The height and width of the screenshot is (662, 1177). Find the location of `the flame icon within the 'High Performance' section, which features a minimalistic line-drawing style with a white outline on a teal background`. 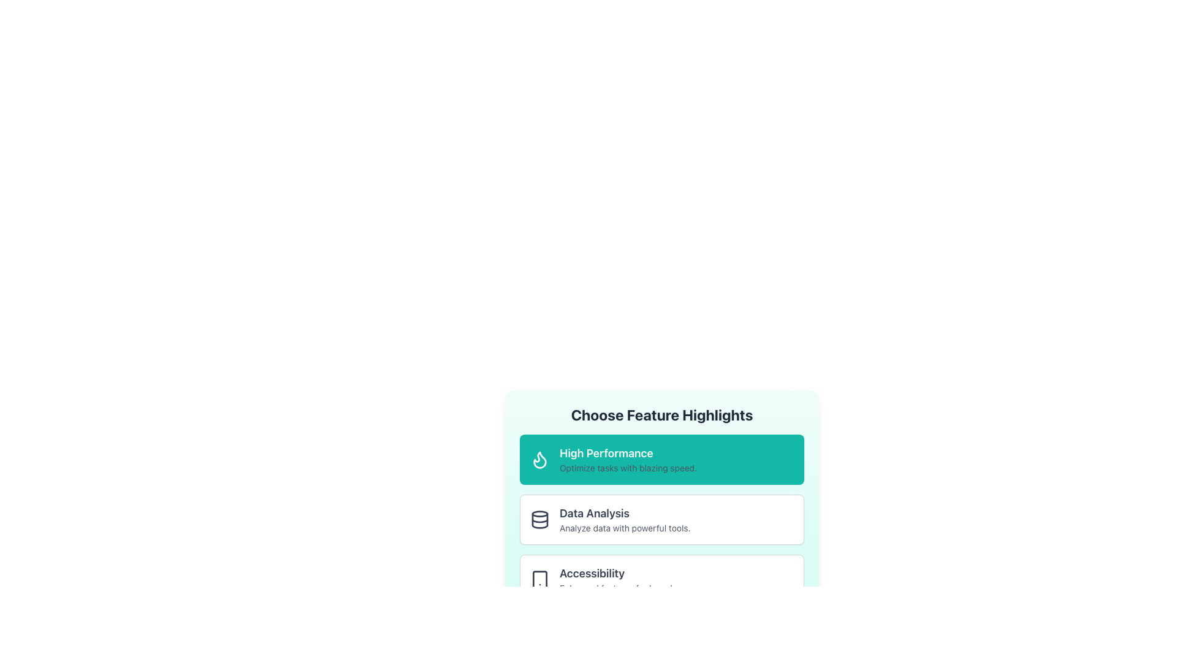

the flame icon within the 'High Performance' section, which features a minimalistic line-drawing style with a white outline on a teal background is located at coordinates (539, 459).